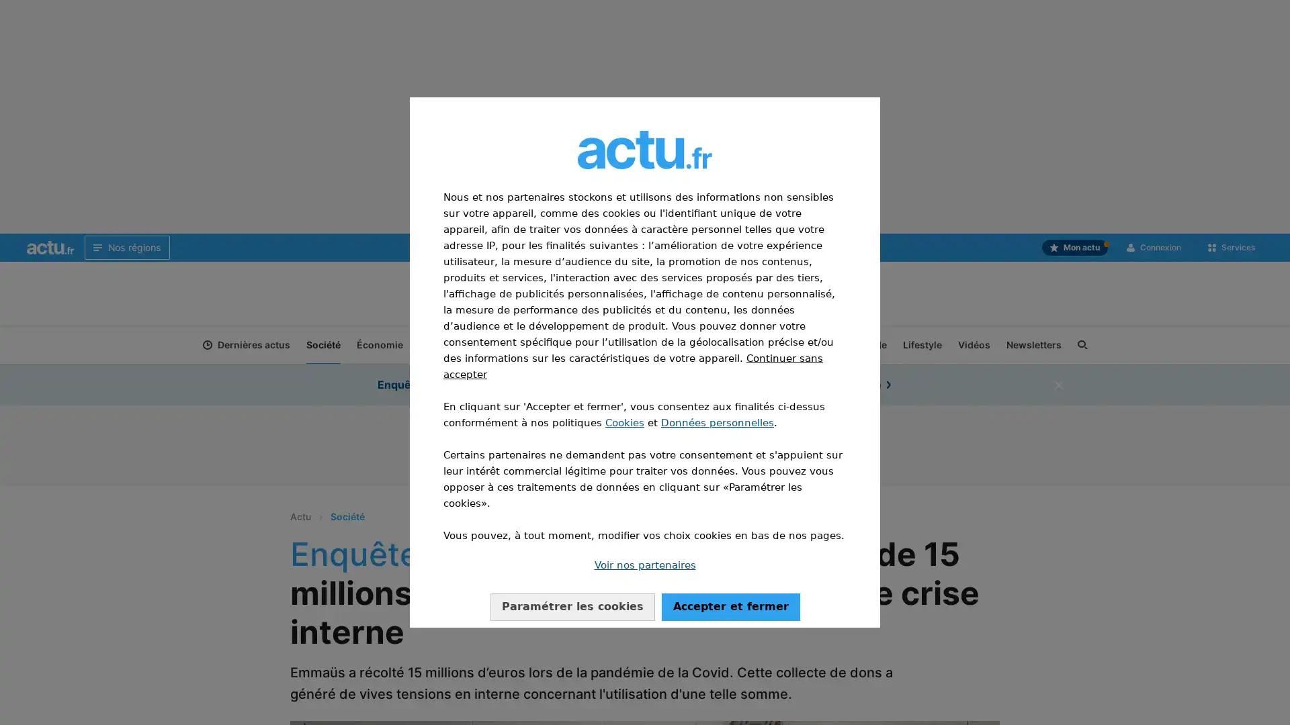 This screenshot has height=725, width=1290. What do you see at coordinates (1058, 385) in the screenshot?
I see `fermer` at bounding box center [1058, 385].